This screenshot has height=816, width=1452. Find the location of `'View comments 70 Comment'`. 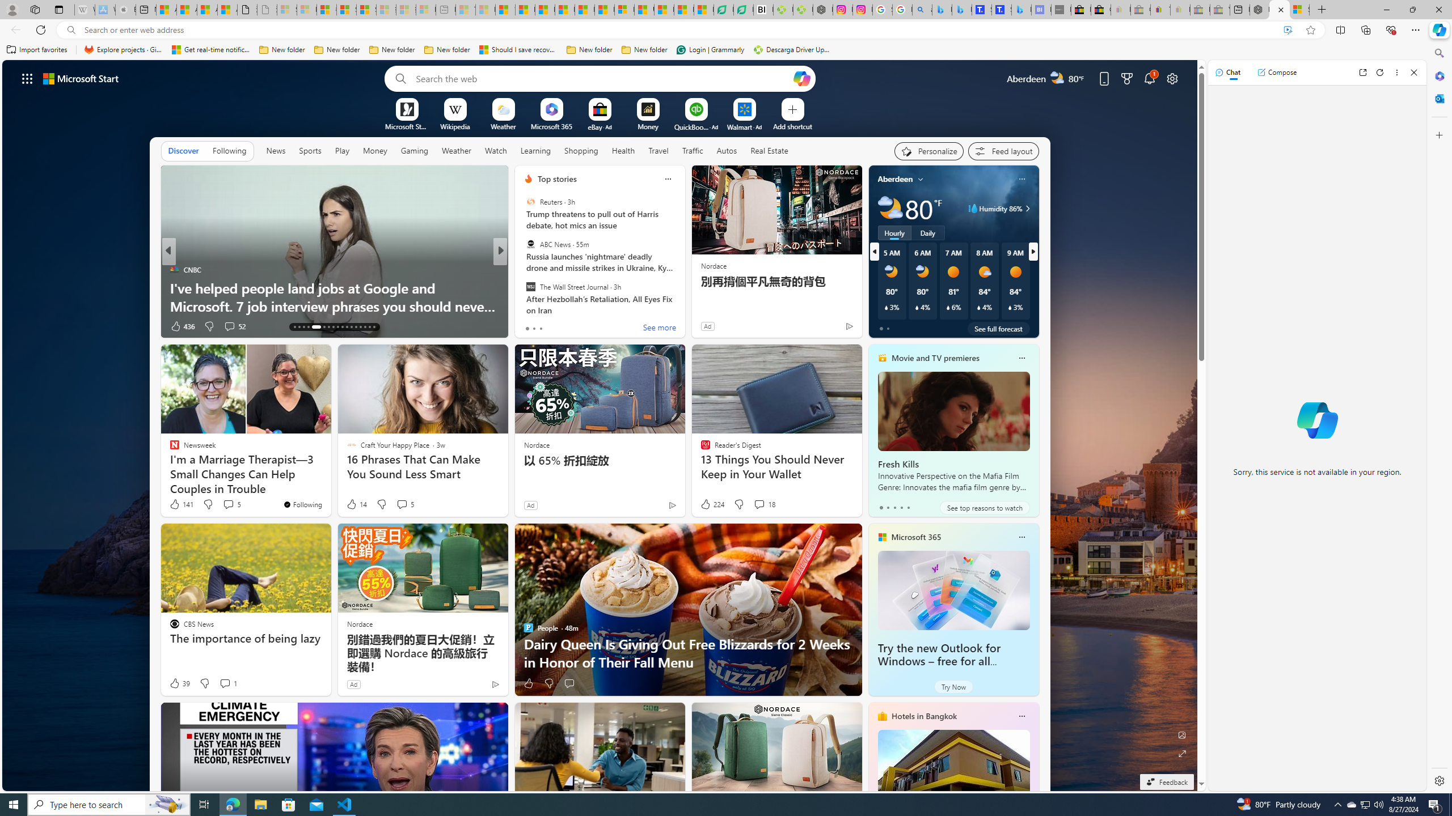

'View comments 70 Comment' is located at coordinates (579, 325).